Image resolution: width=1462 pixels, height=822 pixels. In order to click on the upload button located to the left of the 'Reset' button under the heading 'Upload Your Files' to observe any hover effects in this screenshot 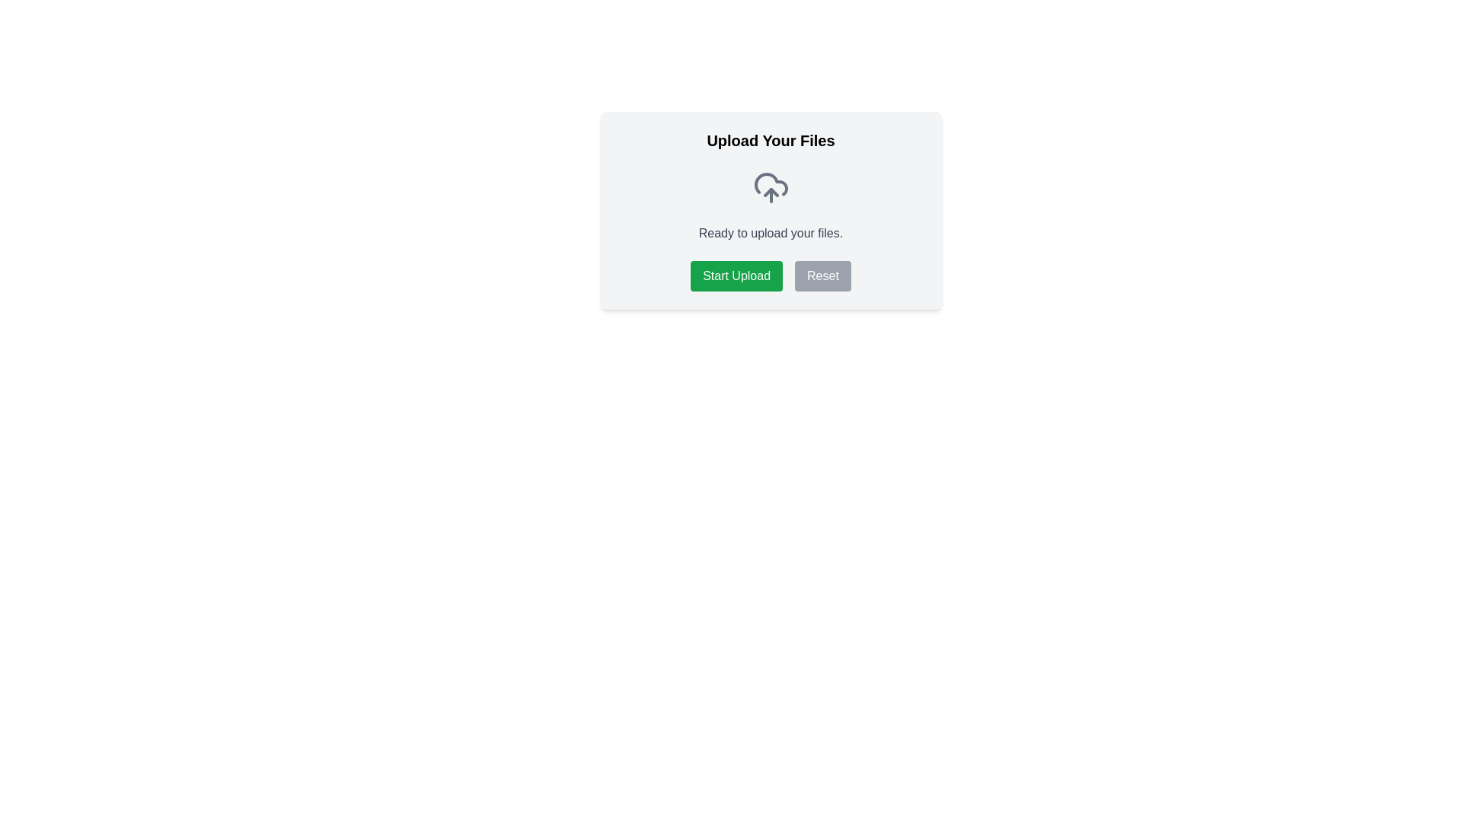, I will do `click(736, 276)`.